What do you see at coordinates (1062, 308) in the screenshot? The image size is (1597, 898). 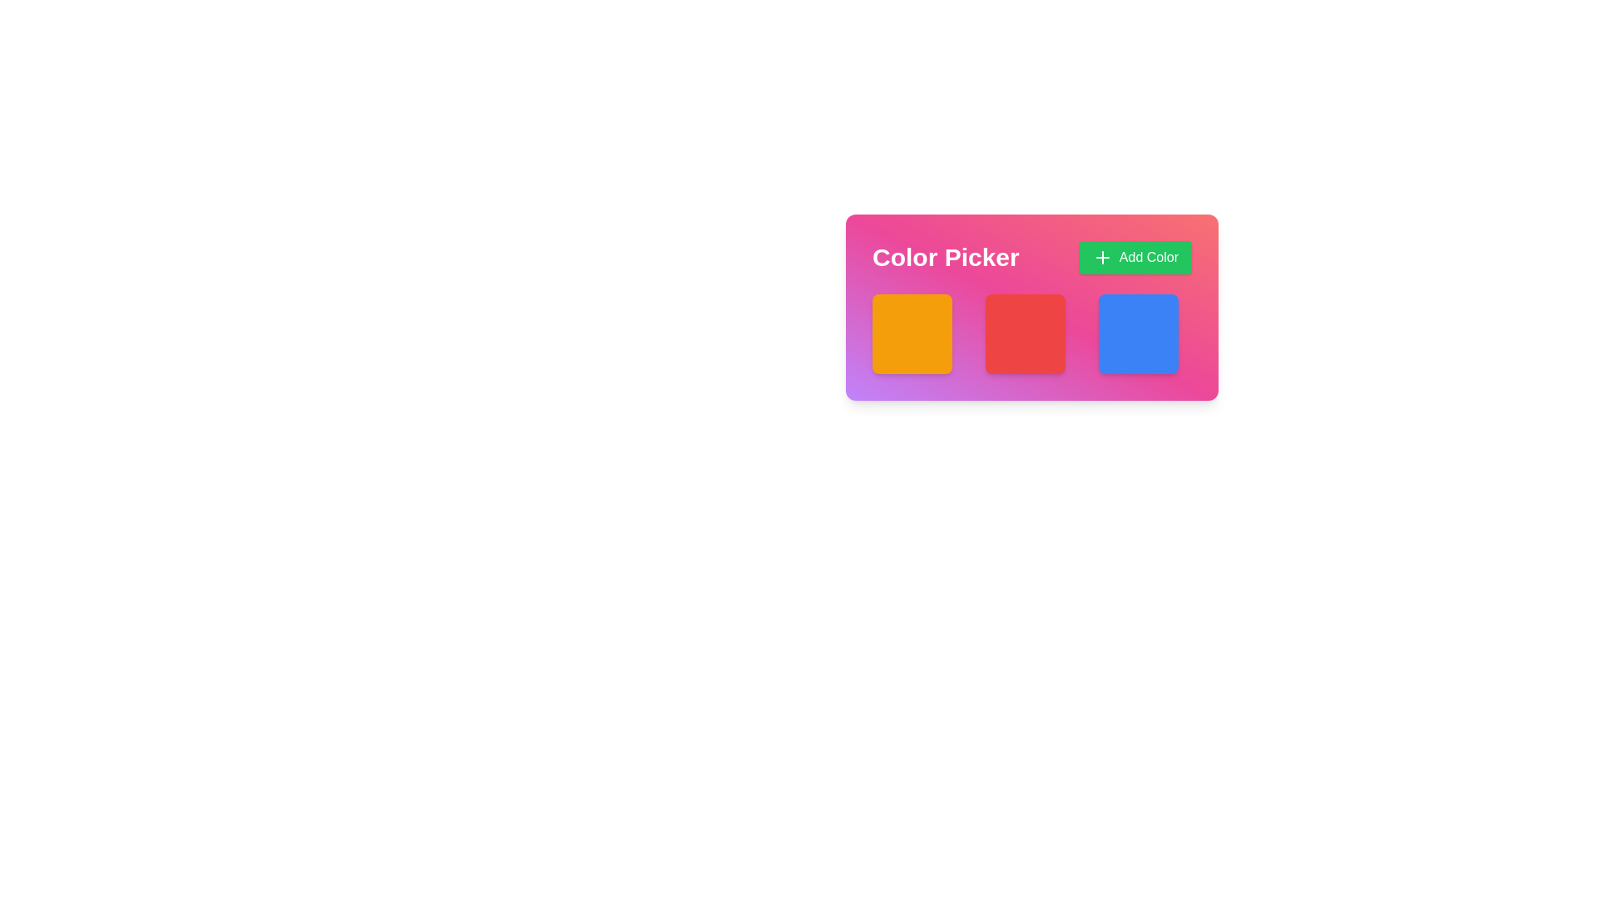 I see `the delete button located in the top-right corner of the red square block within the 'Color Picker' interface` at bounding box center [1062, 308].